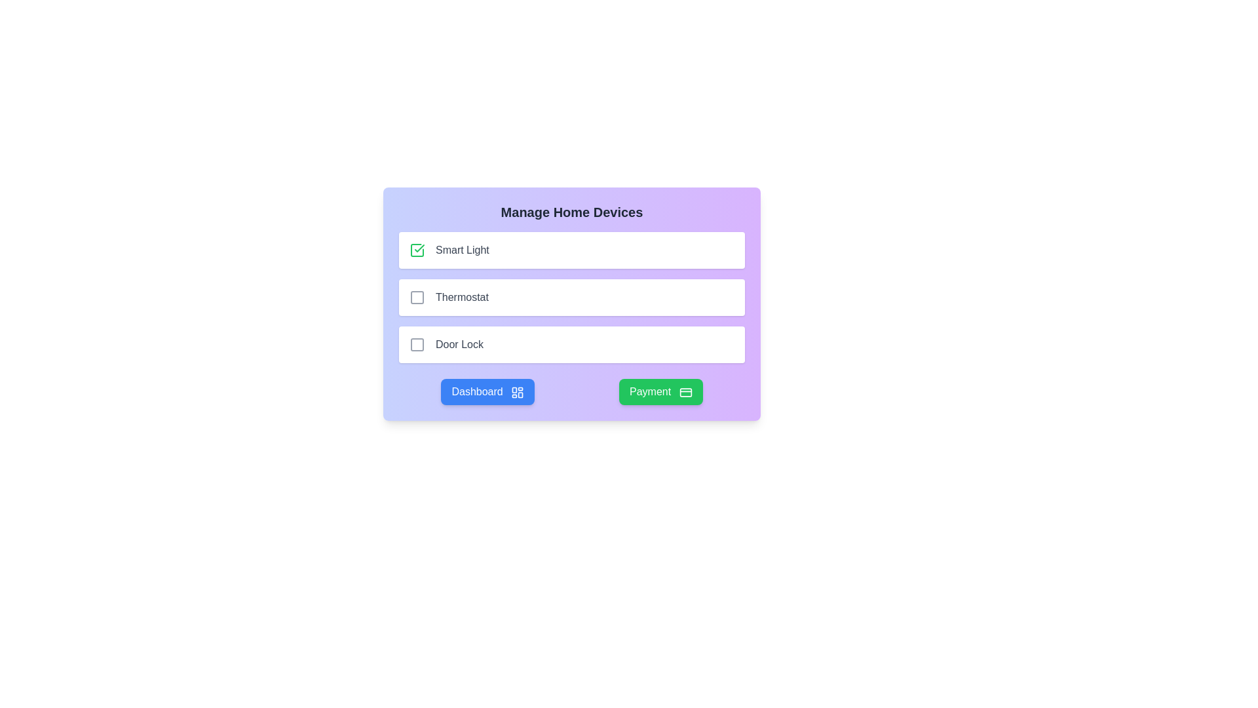 The image size is (1258, 708). What do you see at coordinates (572, 344) in the screenshot?
I see `the 'Door Lock' option in the list under 'Manage Home Devices'` at bounding box center [572, 344].